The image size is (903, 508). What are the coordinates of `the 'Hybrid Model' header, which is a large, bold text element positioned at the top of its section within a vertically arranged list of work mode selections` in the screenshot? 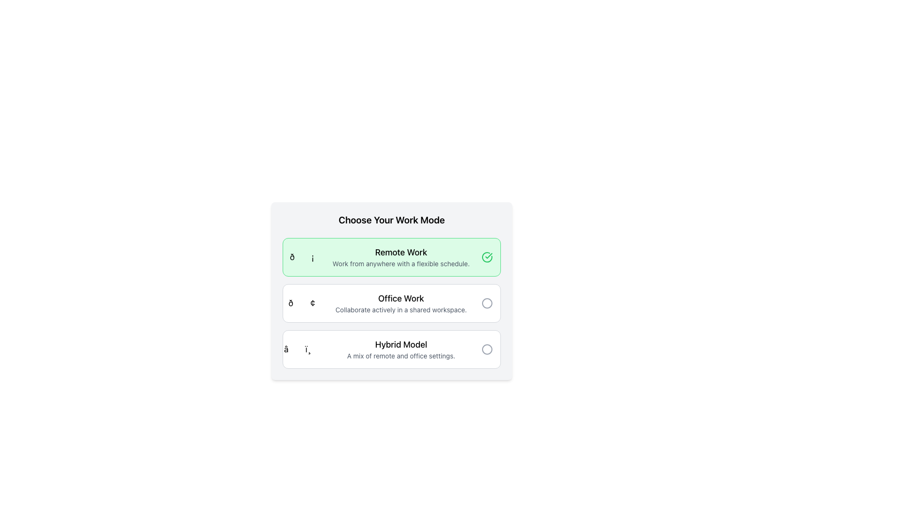 It's located at (401, 344).